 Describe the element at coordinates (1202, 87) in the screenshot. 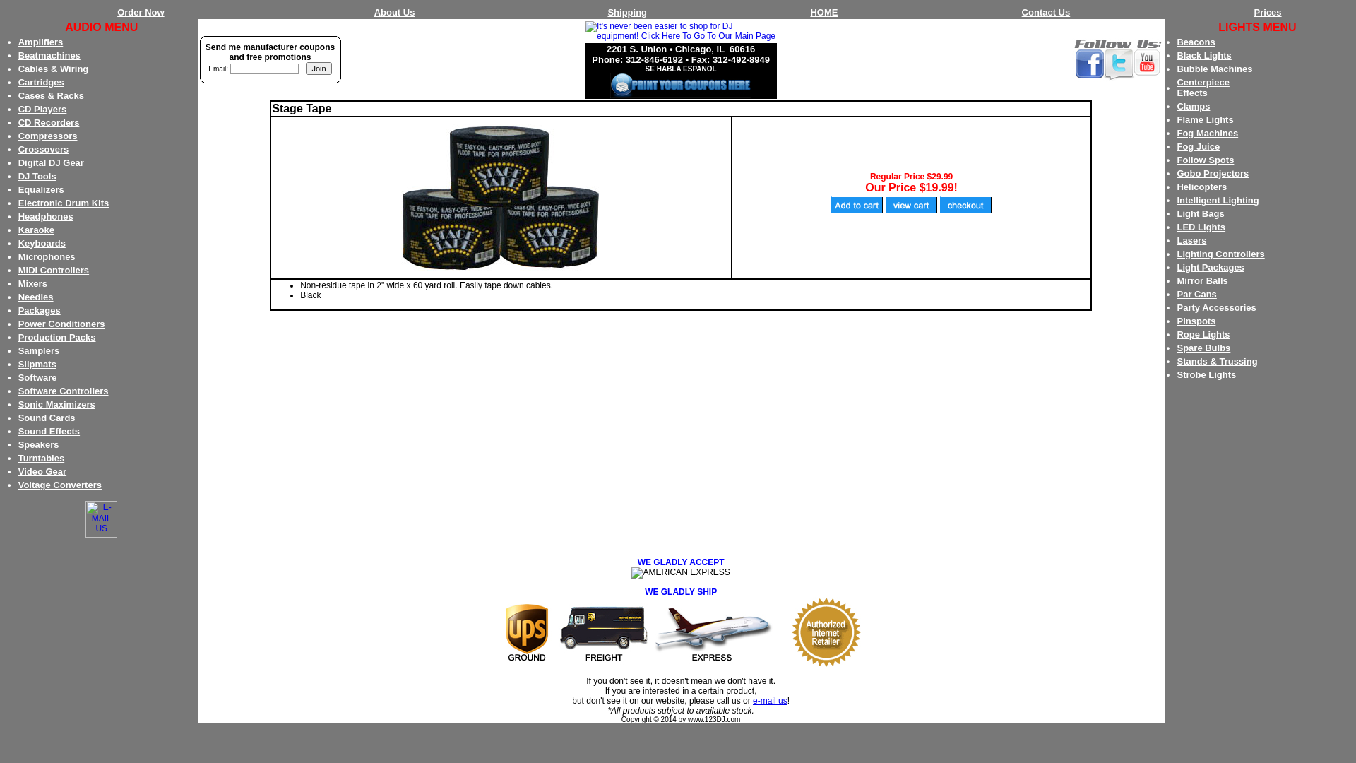

I see `'Centerpiece` at that location.